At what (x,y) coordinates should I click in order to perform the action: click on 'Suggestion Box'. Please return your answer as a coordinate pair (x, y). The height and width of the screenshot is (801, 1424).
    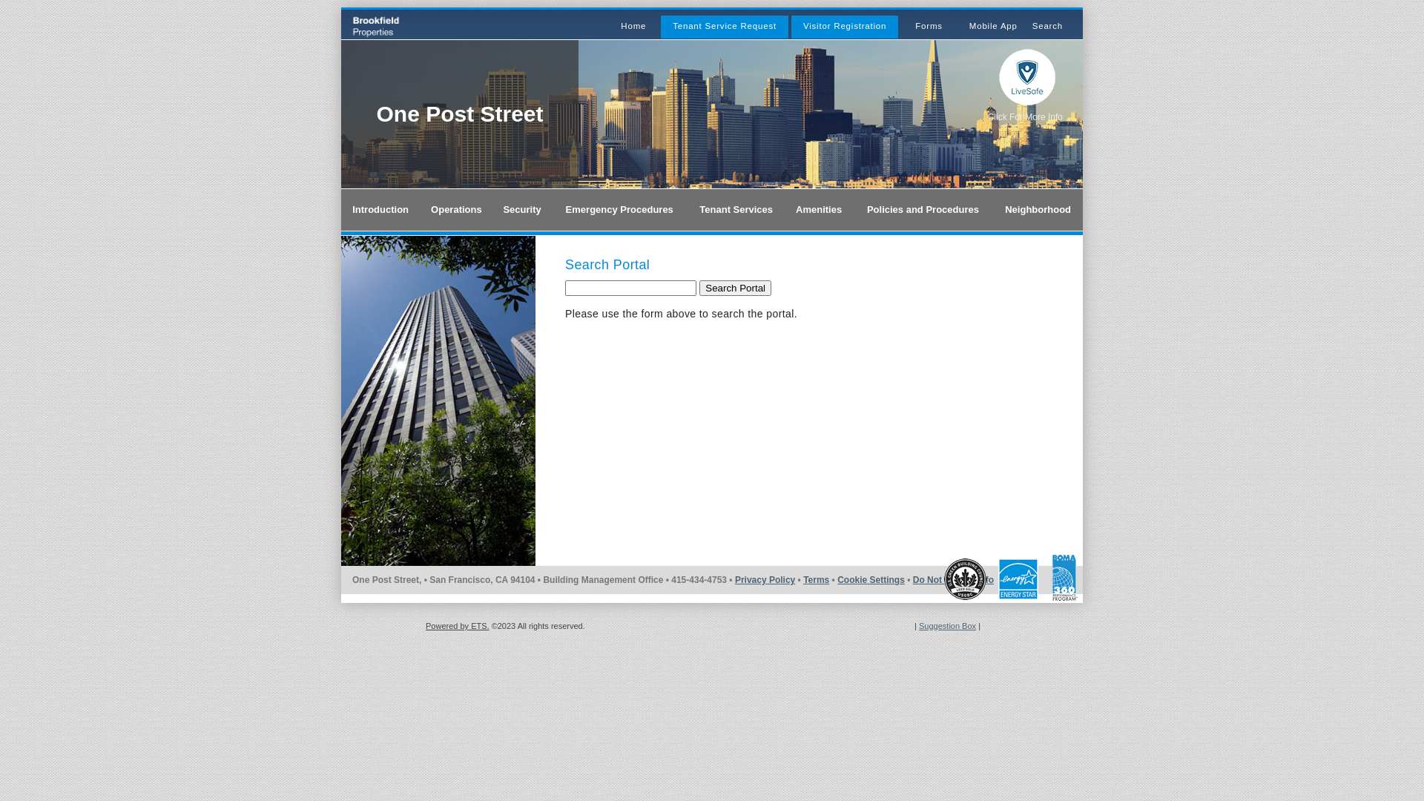
    Looking at the image, I should click on (946, 626).